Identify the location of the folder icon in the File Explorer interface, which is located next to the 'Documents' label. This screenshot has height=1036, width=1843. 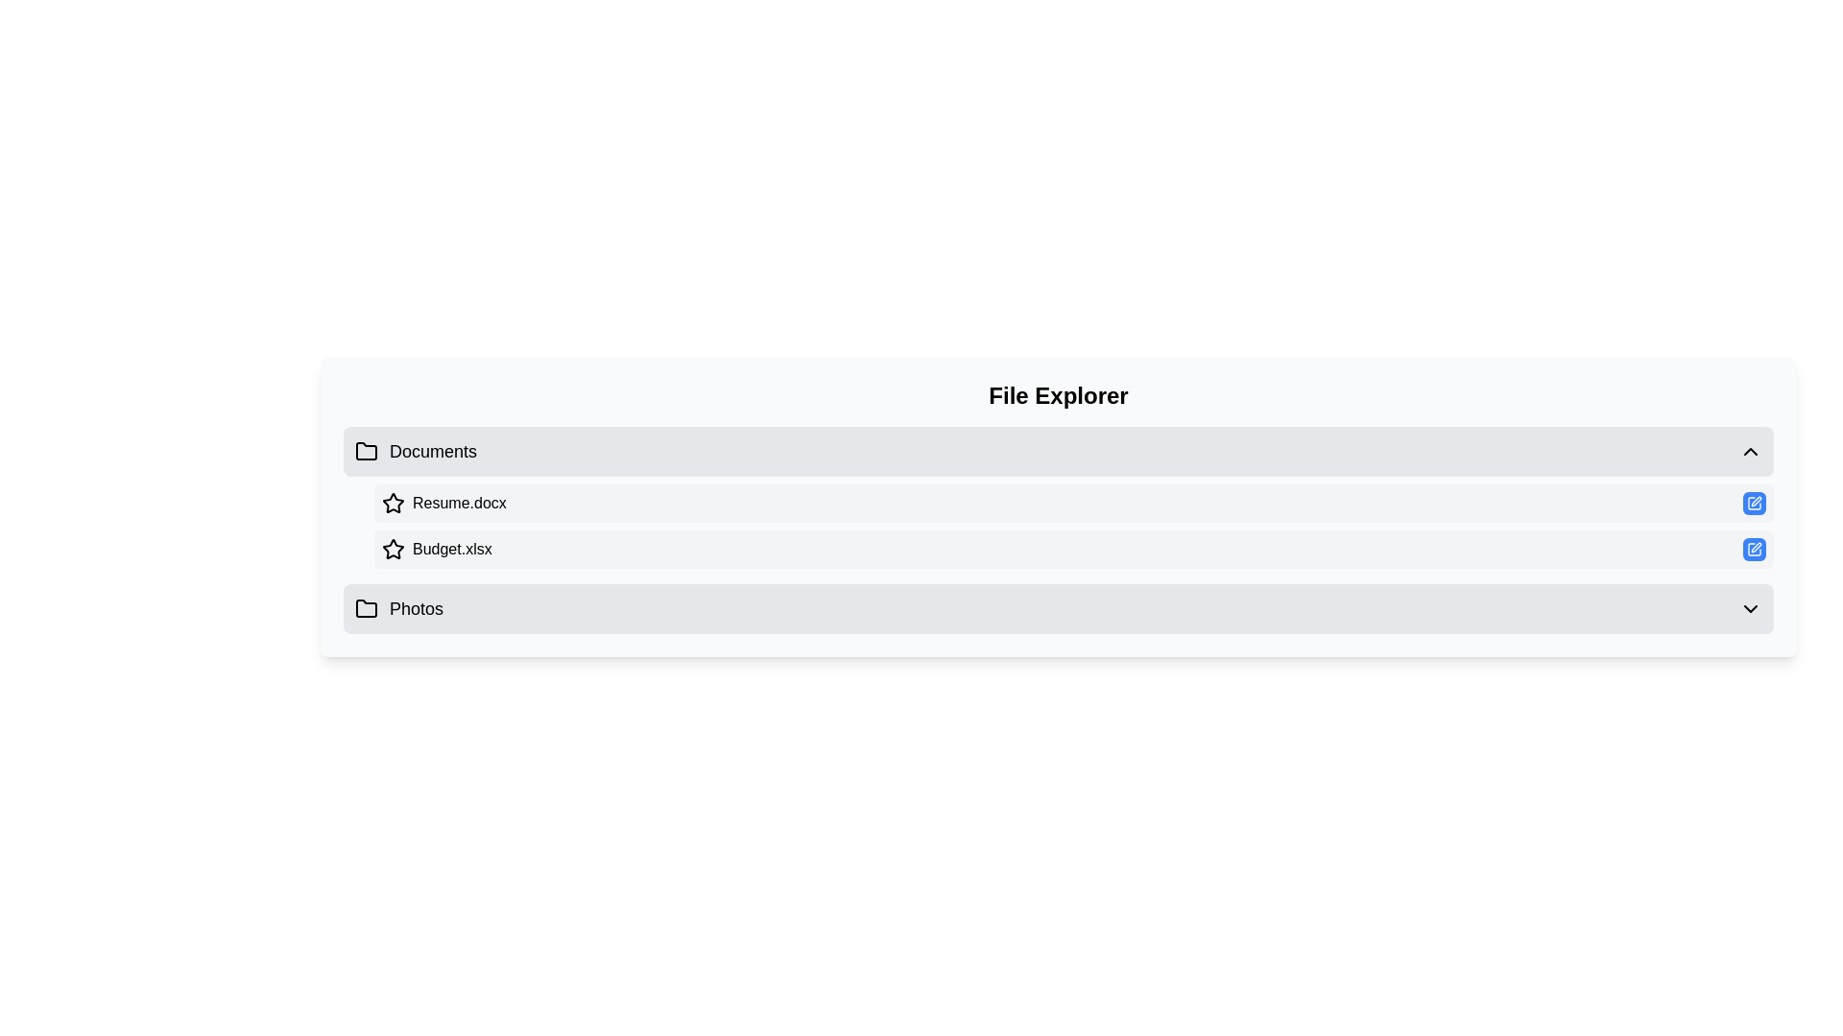
(367, 451).